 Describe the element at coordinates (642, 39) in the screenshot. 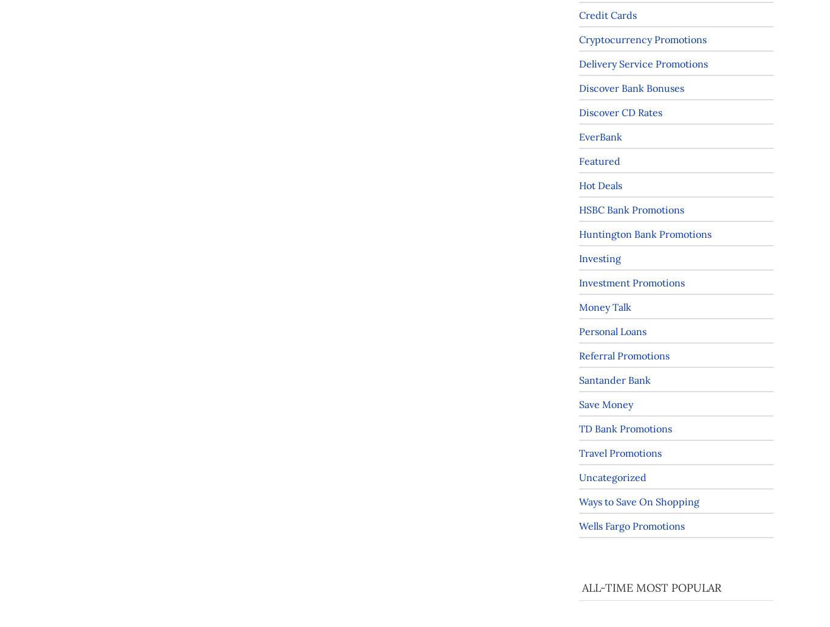

I see `'Cryptocurrency Promotions'` at that location.